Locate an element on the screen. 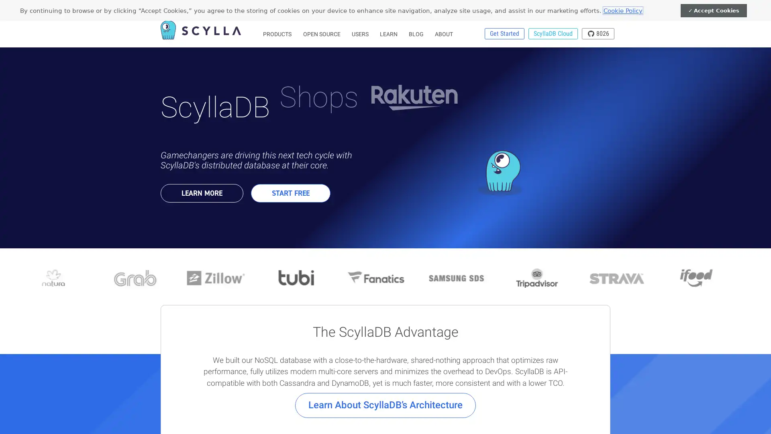 This screenshot has width=771, height=434. Accept Cookies is located at coordinates (714, 10).